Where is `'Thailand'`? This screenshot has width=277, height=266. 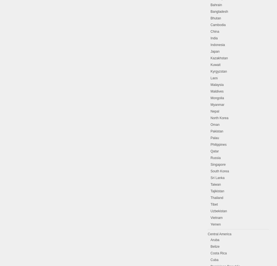 'Thailand' is located at coordinates (217, 198).